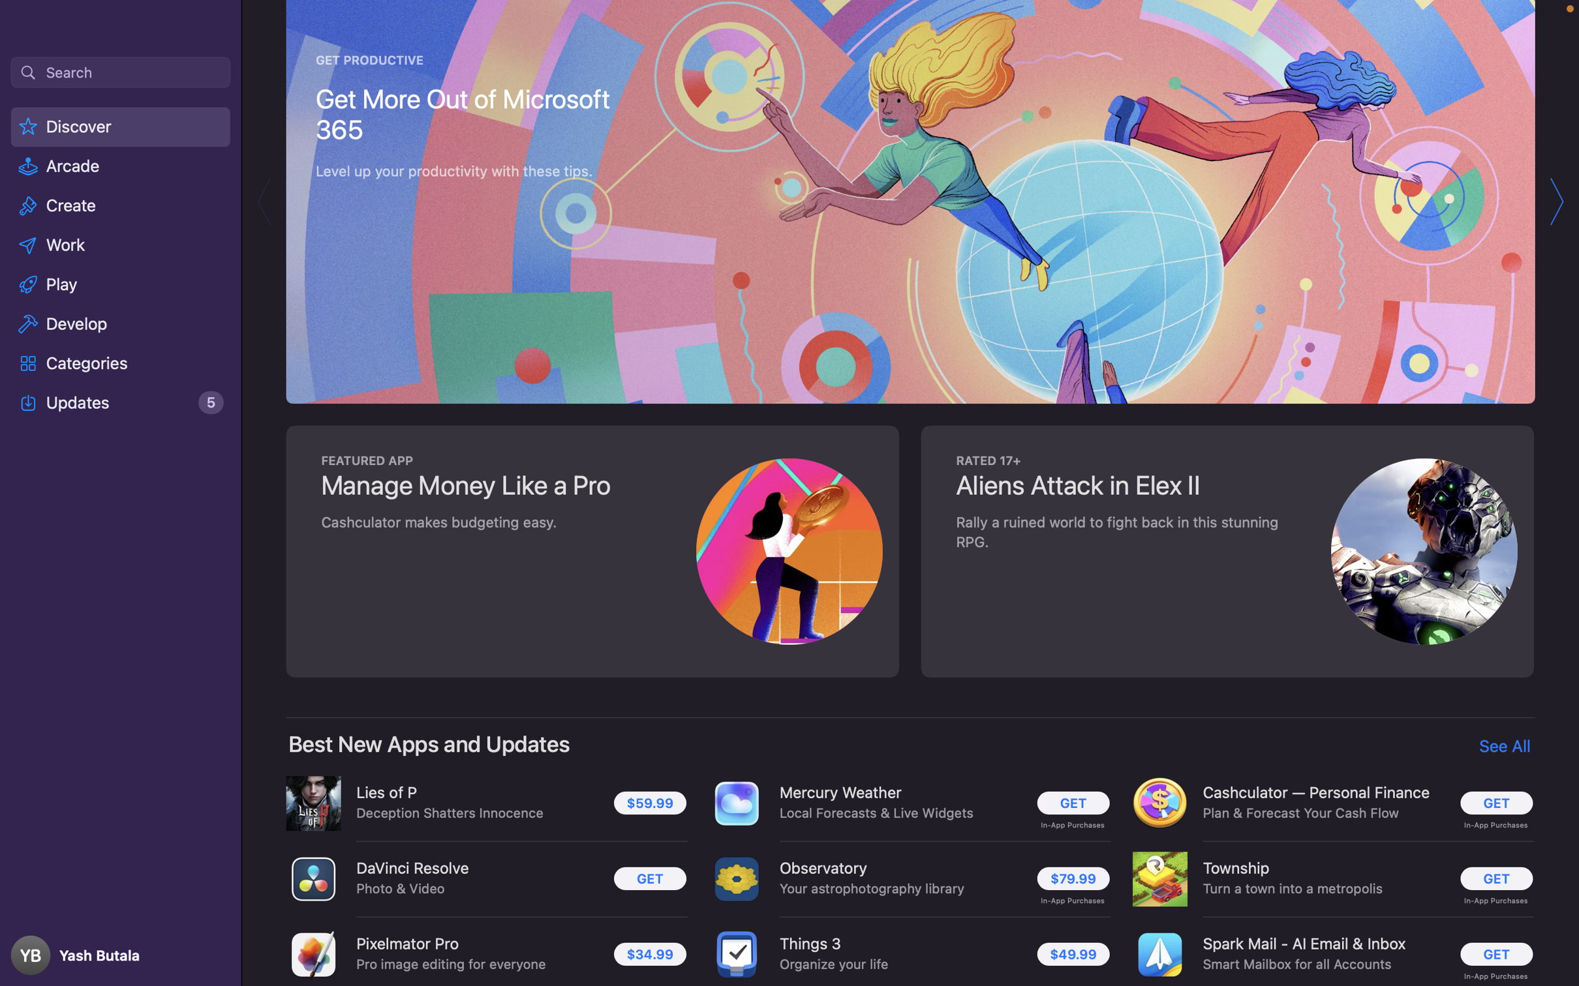 The width and height of the screenshot is (1579, 986). I want to click on the "Updates" tab, so click(121, 402).